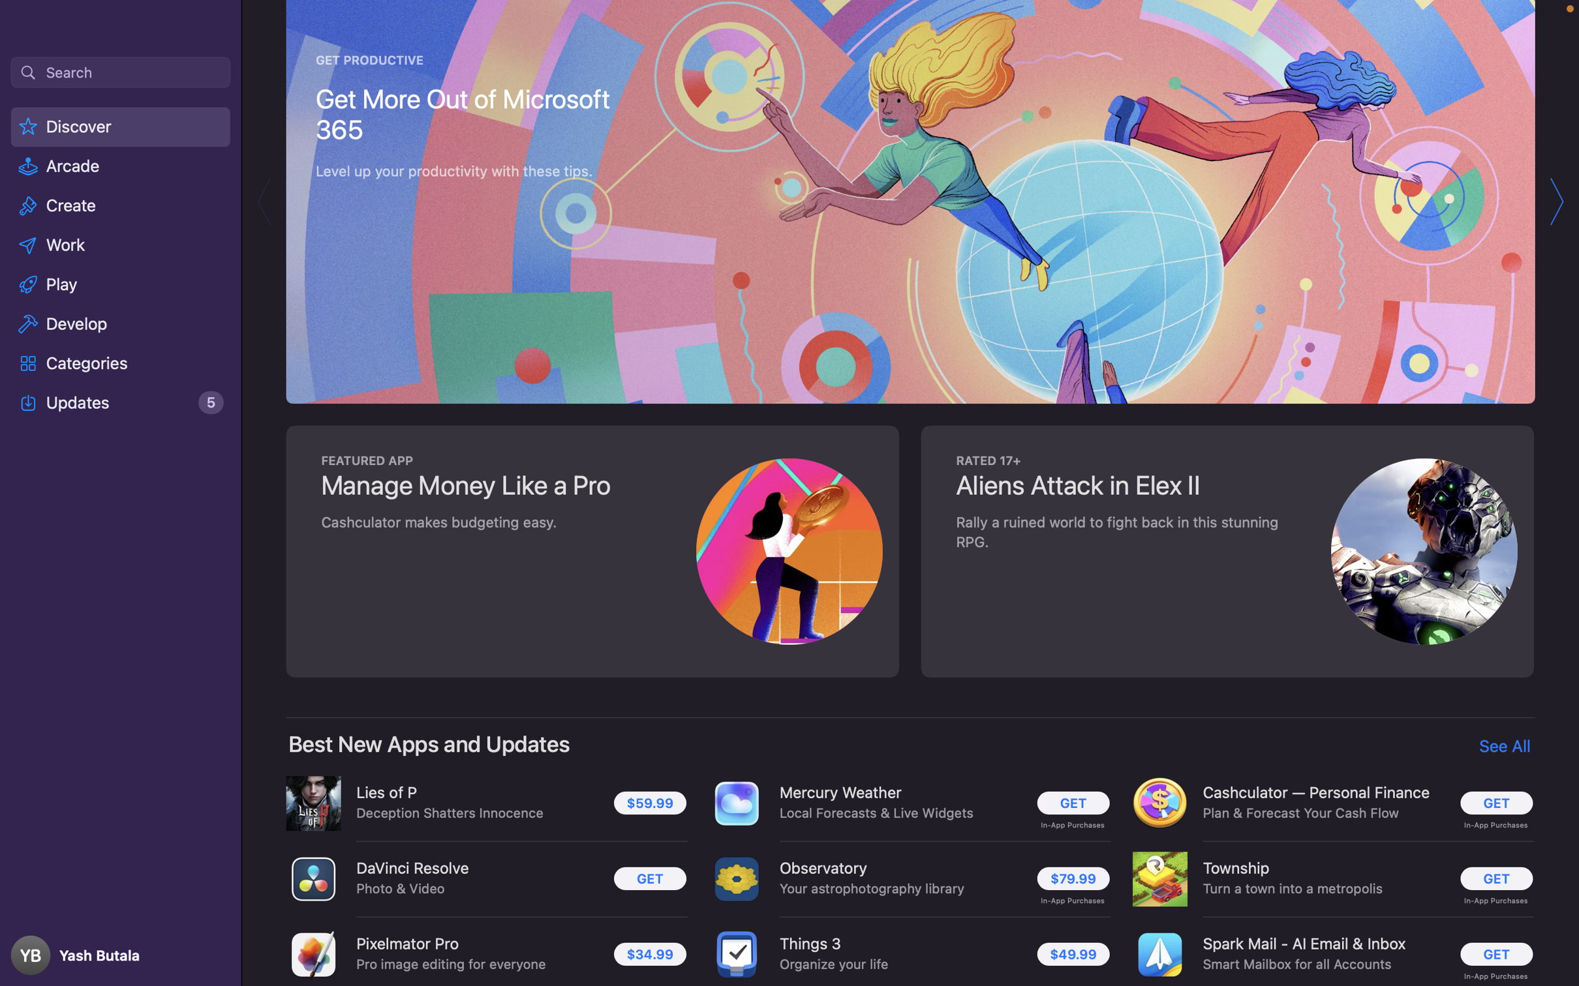 The width and height of the screenshot is (1579, 986). I want to click on the "Updates" tab, so click(121, 402).